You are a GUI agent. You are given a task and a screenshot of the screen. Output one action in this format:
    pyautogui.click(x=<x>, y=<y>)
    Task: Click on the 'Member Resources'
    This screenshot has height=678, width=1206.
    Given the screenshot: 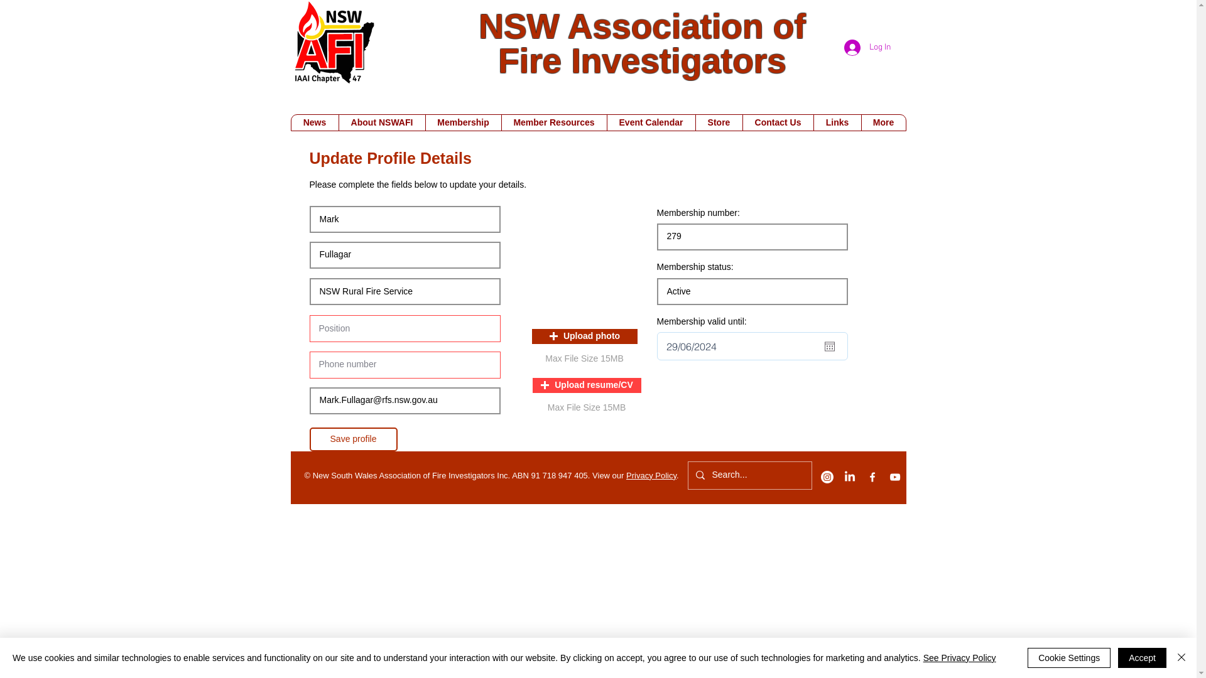 What is the action you would take?
    pyautogui.click(x=553, y=122)
    